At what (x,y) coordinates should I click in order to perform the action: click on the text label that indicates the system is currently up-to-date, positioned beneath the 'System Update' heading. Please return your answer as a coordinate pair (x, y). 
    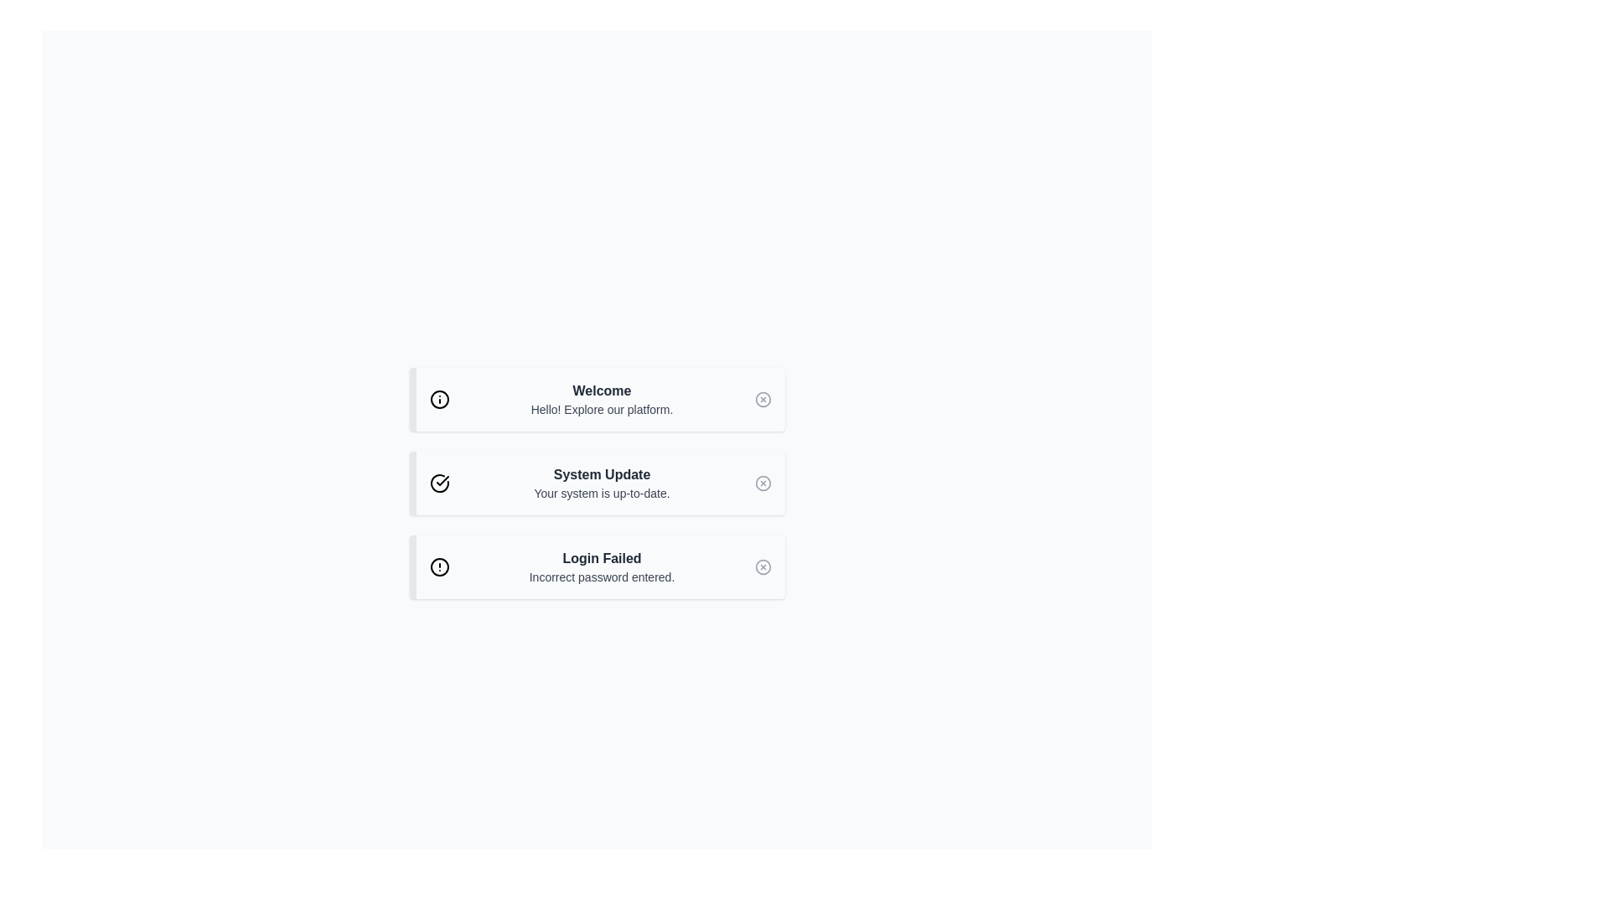
    Looking at the image, I should click on (602, 493).